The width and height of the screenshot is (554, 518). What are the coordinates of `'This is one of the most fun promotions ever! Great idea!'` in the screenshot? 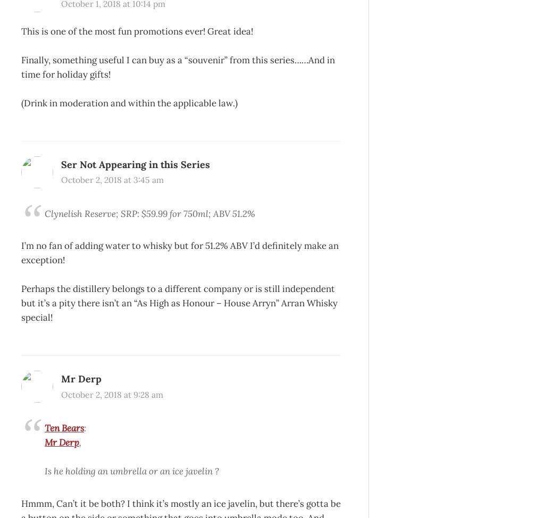 It's located at (136, 30).